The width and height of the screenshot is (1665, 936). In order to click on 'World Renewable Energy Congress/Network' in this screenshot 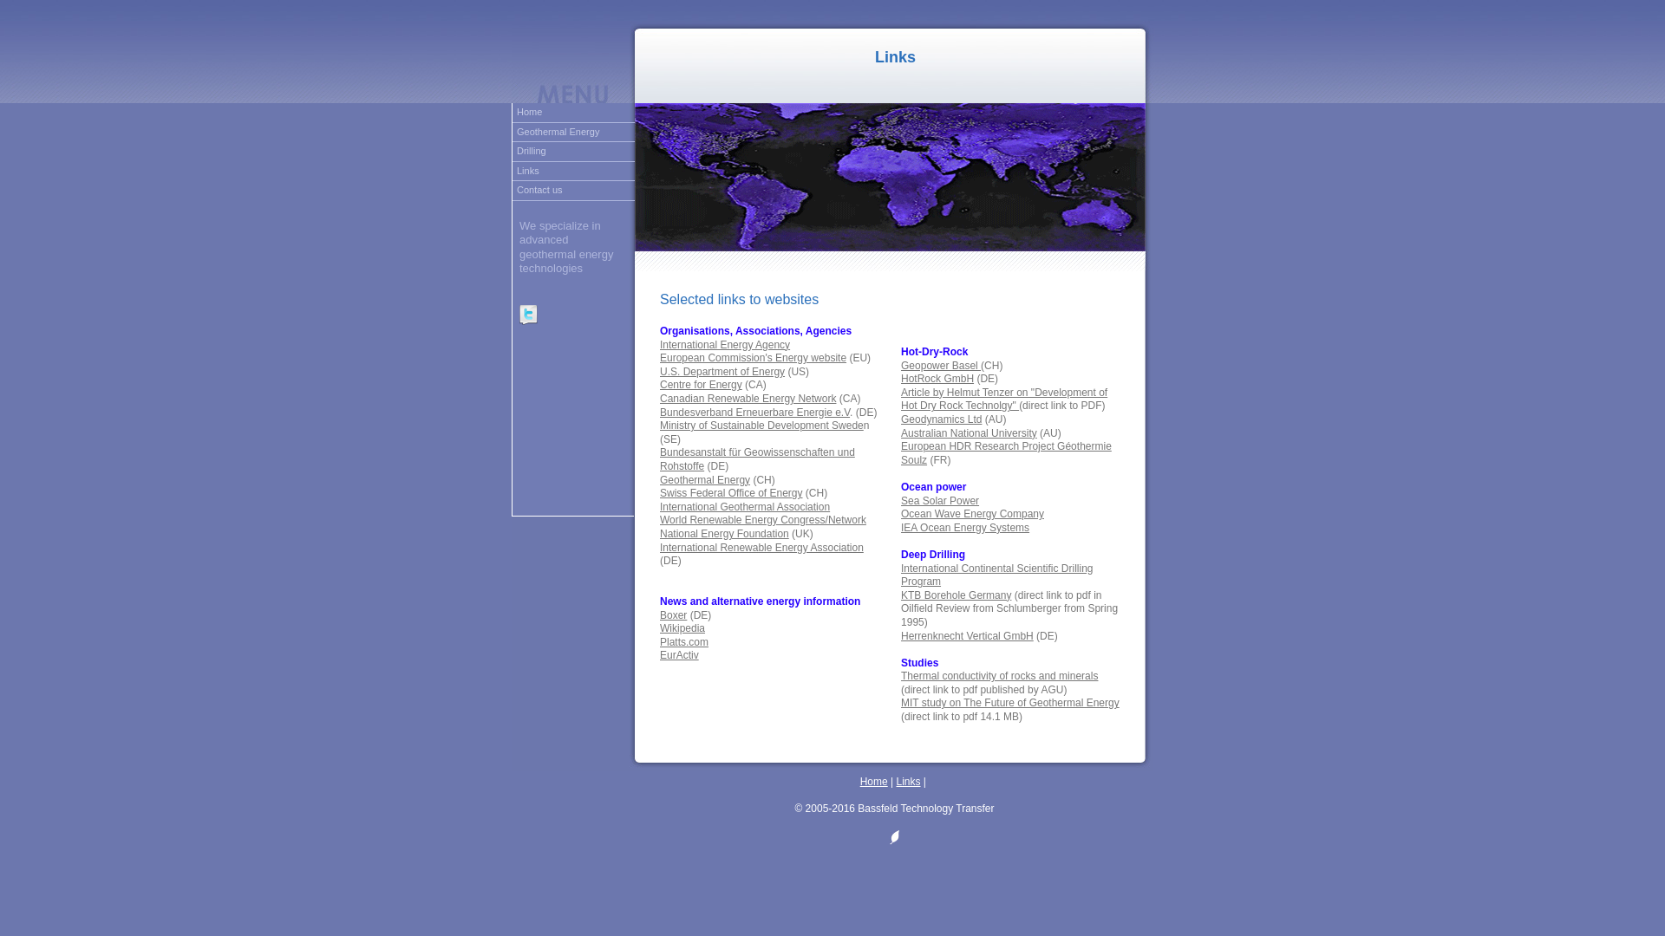, I will do `click(762, 519)`.